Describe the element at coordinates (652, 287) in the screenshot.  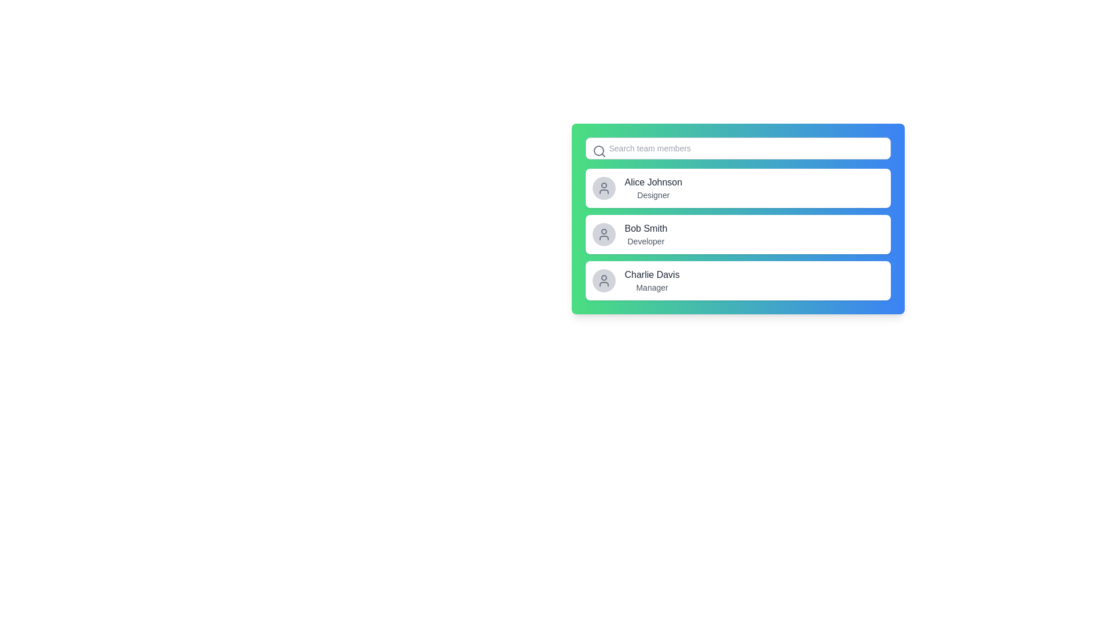
I see `the static text element displaying 'Manager', which is located directly below 'Charlie Davis' in the third profile card of the team members list` at that location.